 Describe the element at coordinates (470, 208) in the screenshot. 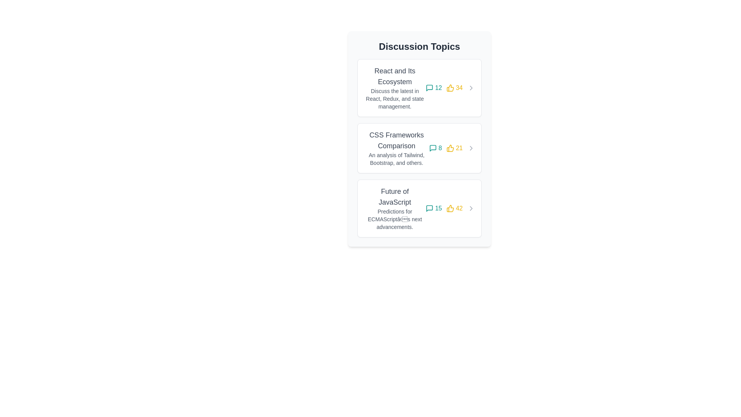

I see `the right arrow icon with a thin outline located in the bottom-right corner of the 'Future of JavaScript' discussion topic section` at that location.